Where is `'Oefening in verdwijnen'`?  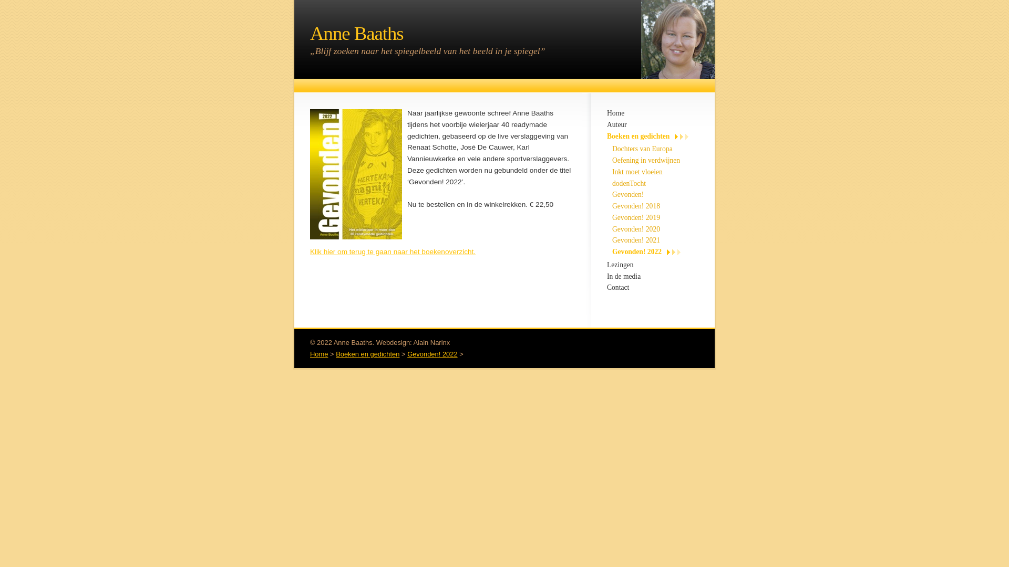 'Oefening in verdwijnen' is located at coordinates (612, 160).